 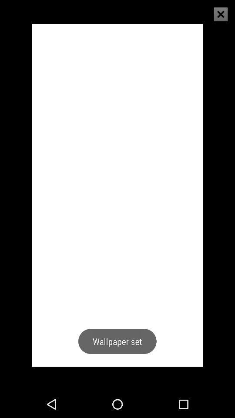 What do you see at coordinates (221, 15) in the screenshot?
I see `the close icon` at bounding box center [221, 15].